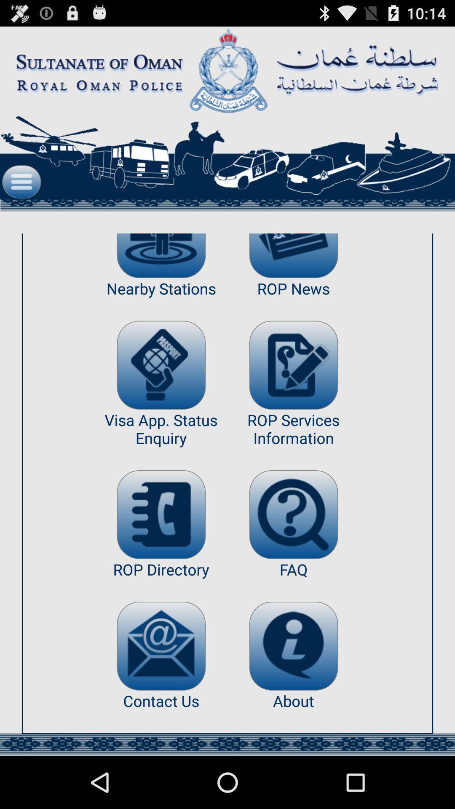 This screenshot has height=809, width=455. What do you see at coordinates (161, 646) in the screenshot?
I see `item below rop directory app` at bounding box center [161, 646].